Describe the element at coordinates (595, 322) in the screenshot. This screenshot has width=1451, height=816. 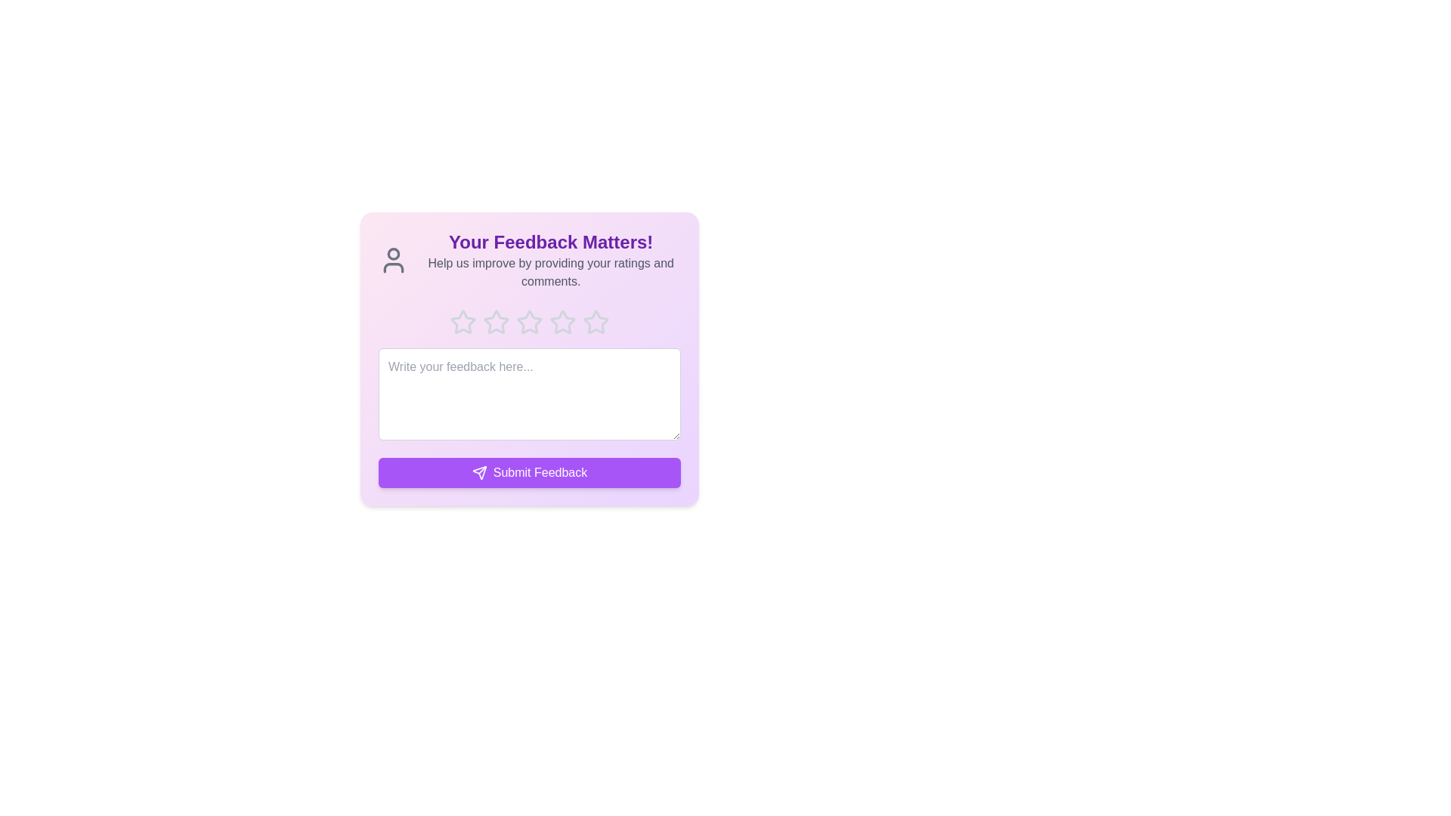
I see `the star corresponding to 5 to preview the rating` at that location.